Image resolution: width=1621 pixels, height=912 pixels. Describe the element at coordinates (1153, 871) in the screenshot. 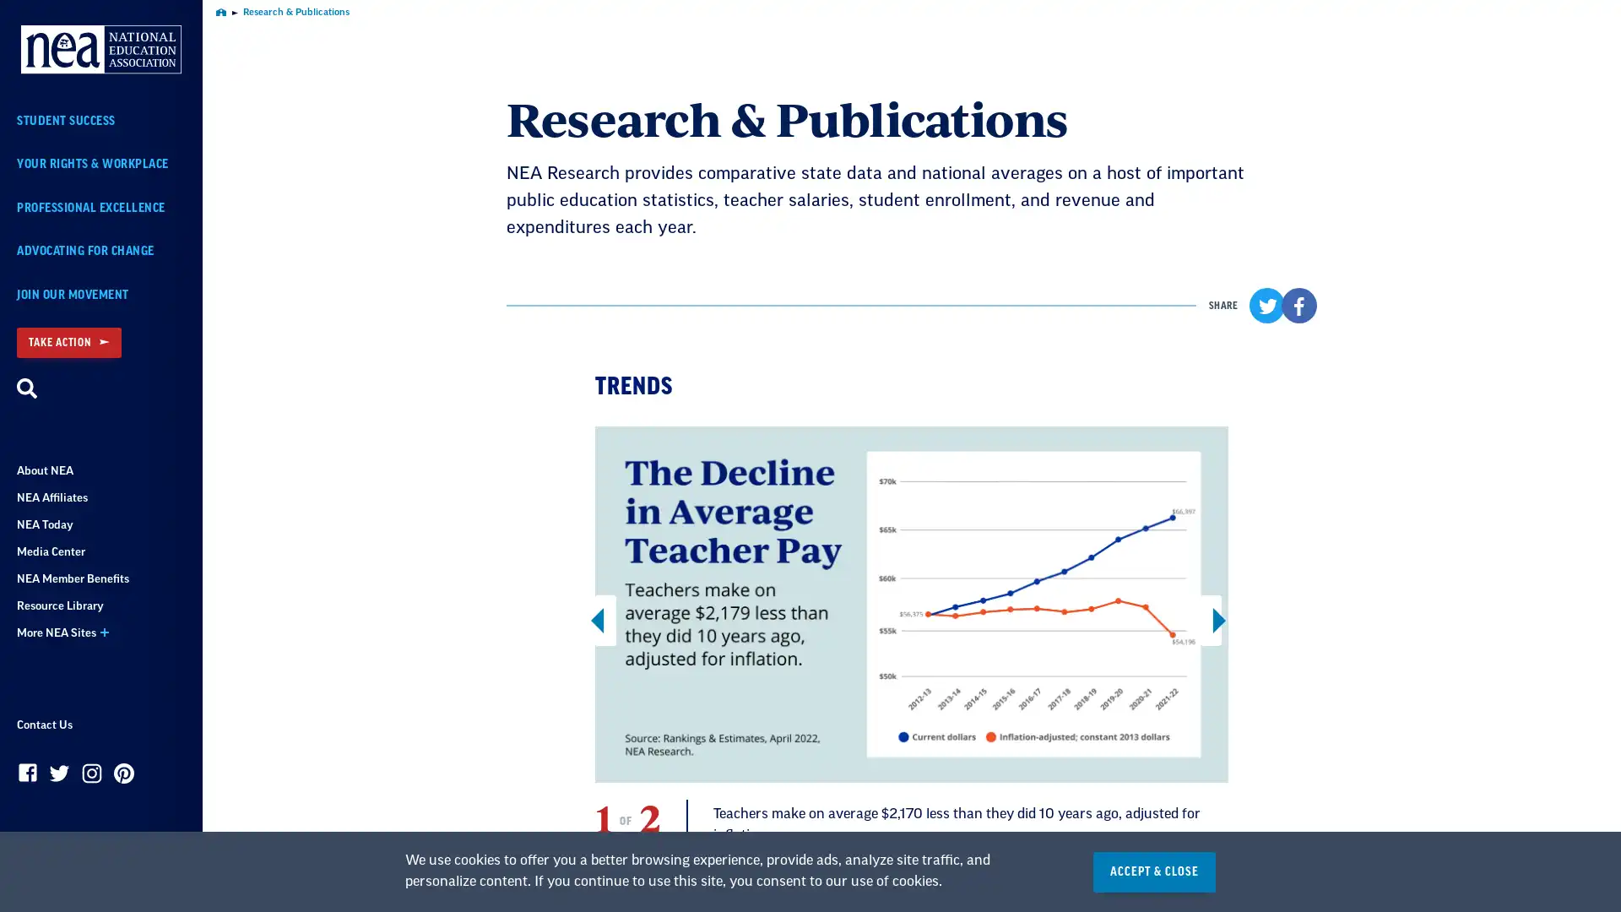

I see `ACCEPT & CLOSE` at that location.